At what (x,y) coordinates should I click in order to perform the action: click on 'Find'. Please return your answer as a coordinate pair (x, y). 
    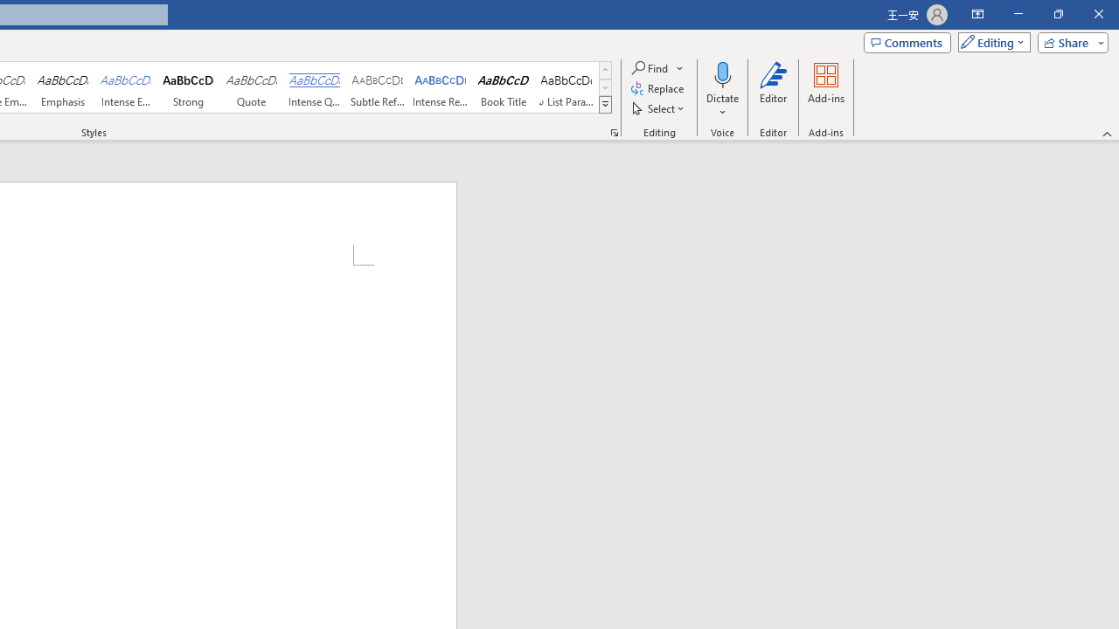
    Looking at the image, I should click on (657, 67).